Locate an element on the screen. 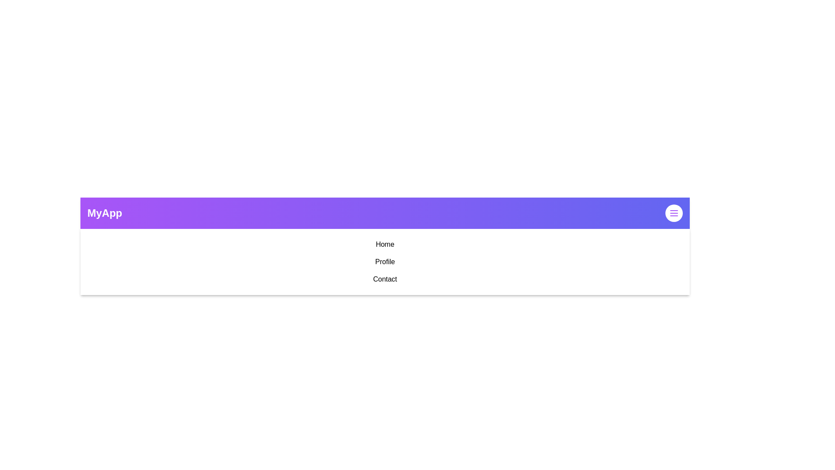 This screenshot has width=835, height=470. the 'Contact' menu item is located at coordinates (384, 279).